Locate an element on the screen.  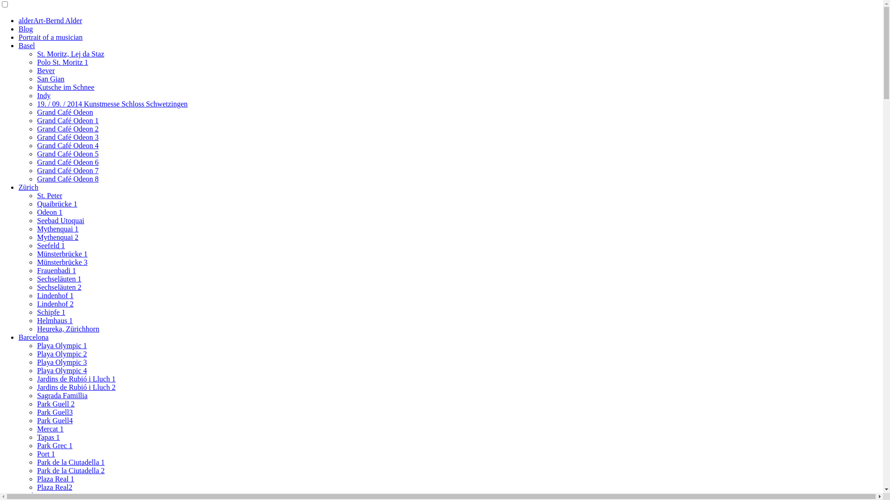
'Polo St. Moritz 1' is located at coordinates (62, 62).